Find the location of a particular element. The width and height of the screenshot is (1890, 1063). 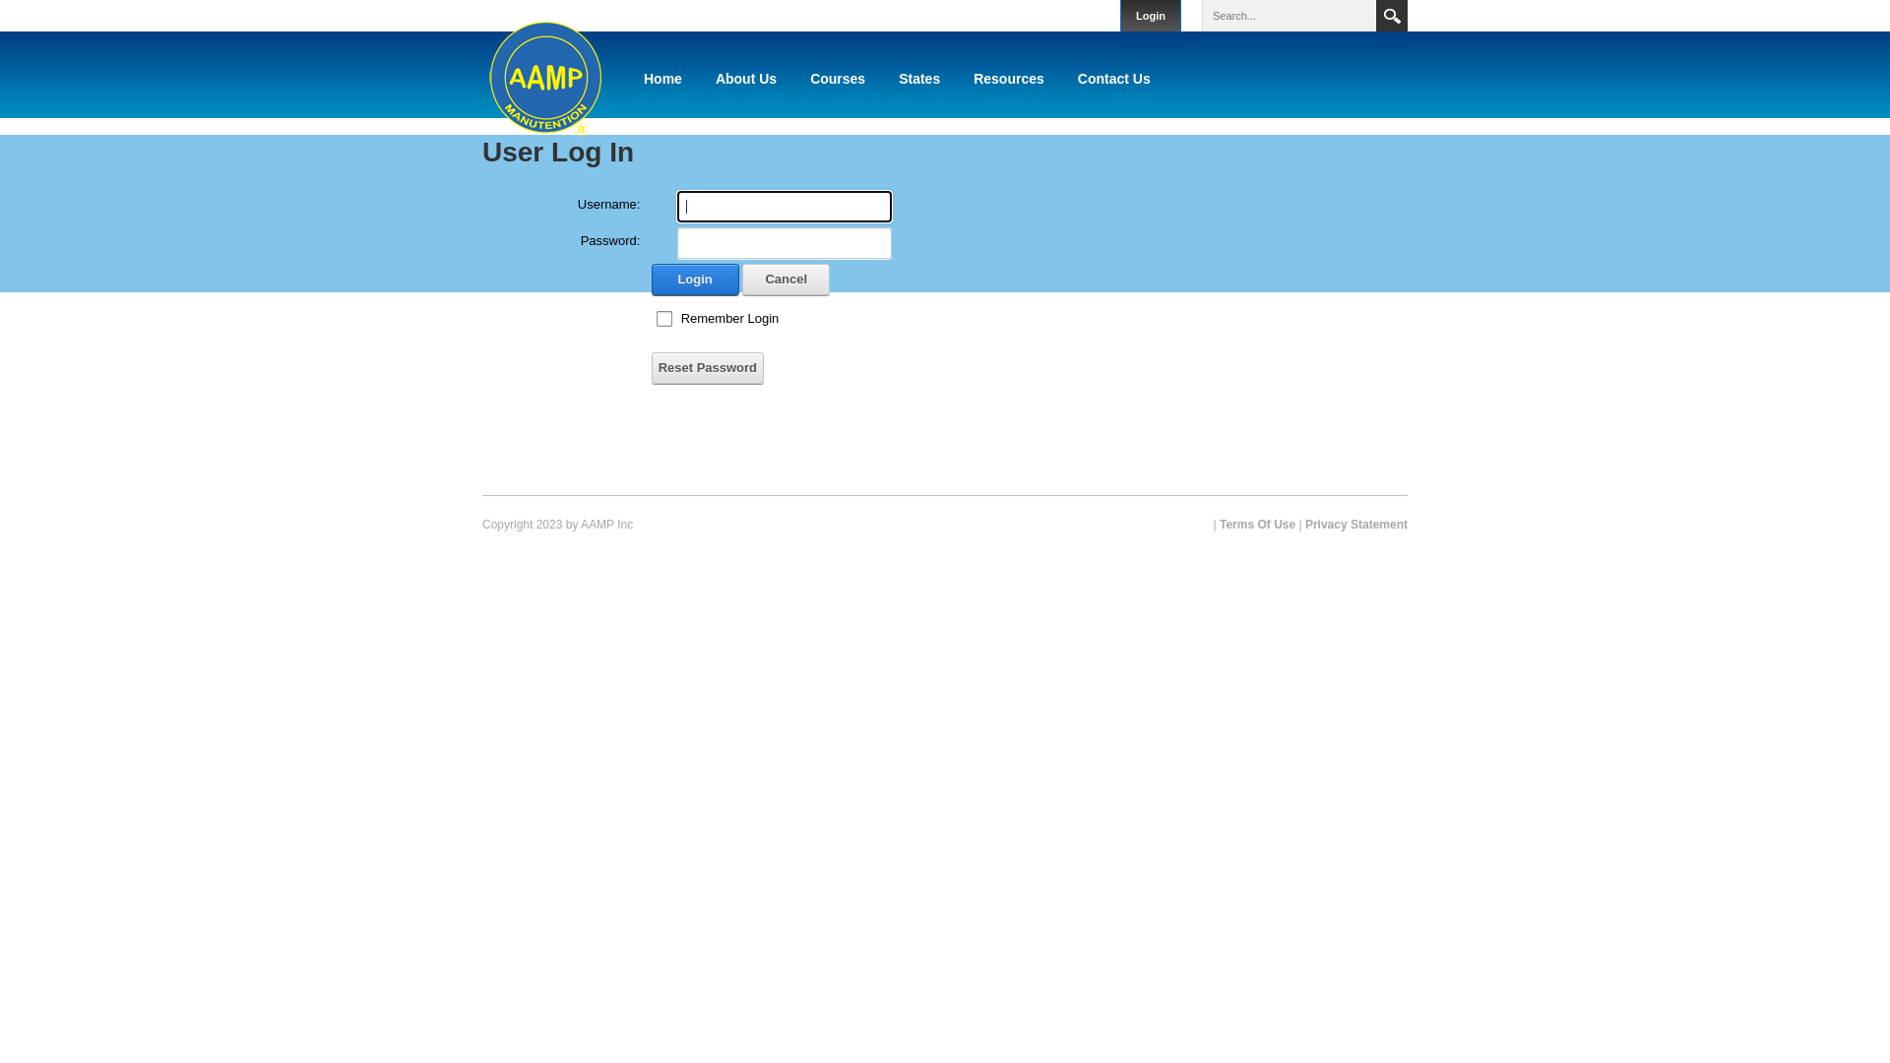

'Clear search text' is located at coordinates (1355, 15).